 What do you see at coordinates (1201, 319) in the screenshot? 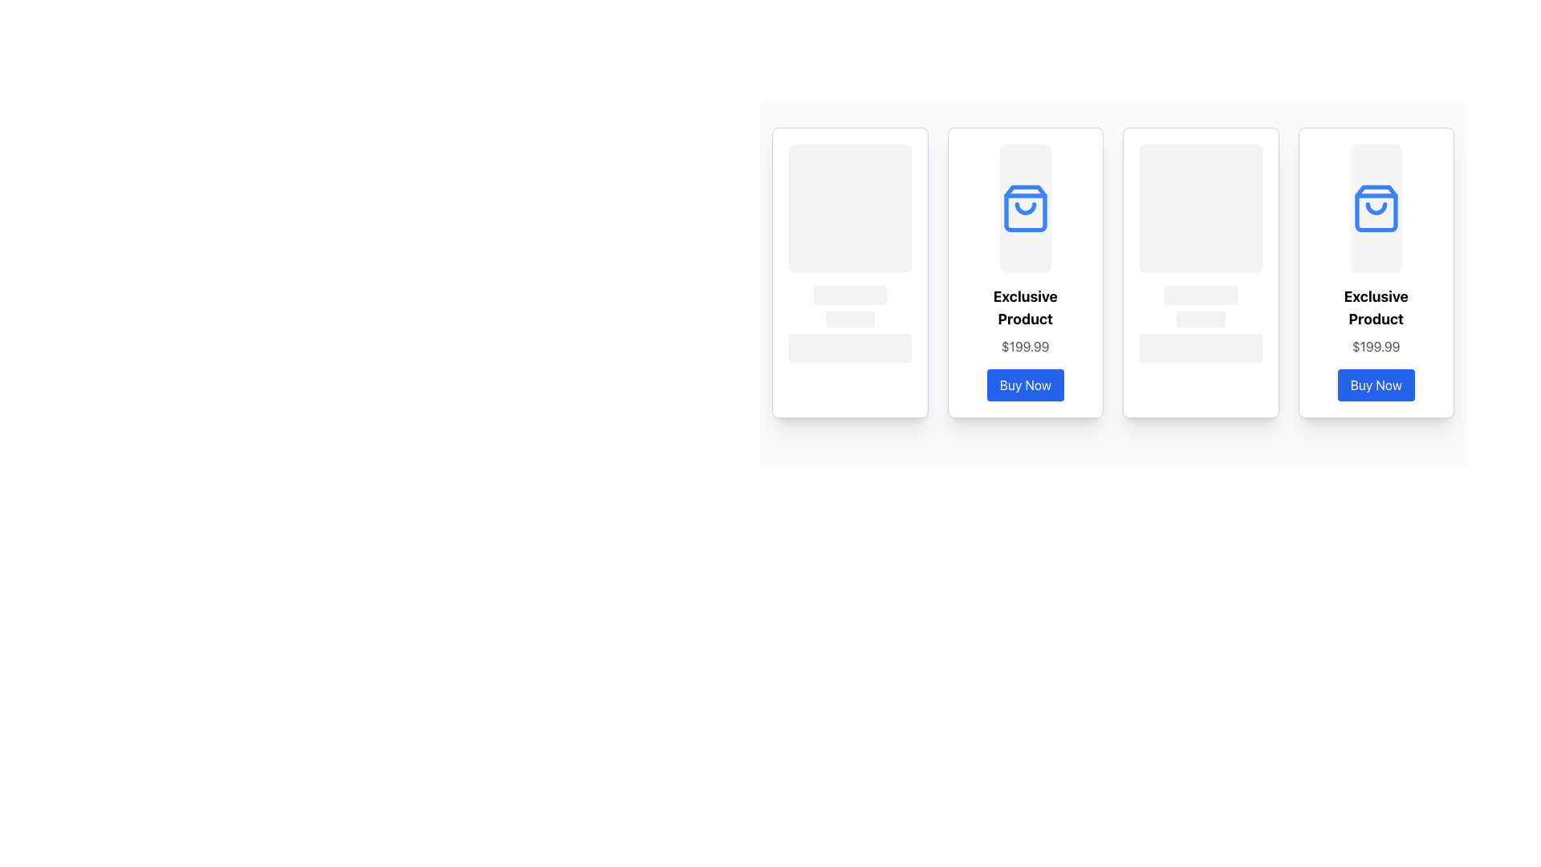
I see `the light gray progress bar with rounded edges located at the bottom of the third card component in a four-card layout` at bounding box center [1201, 319].